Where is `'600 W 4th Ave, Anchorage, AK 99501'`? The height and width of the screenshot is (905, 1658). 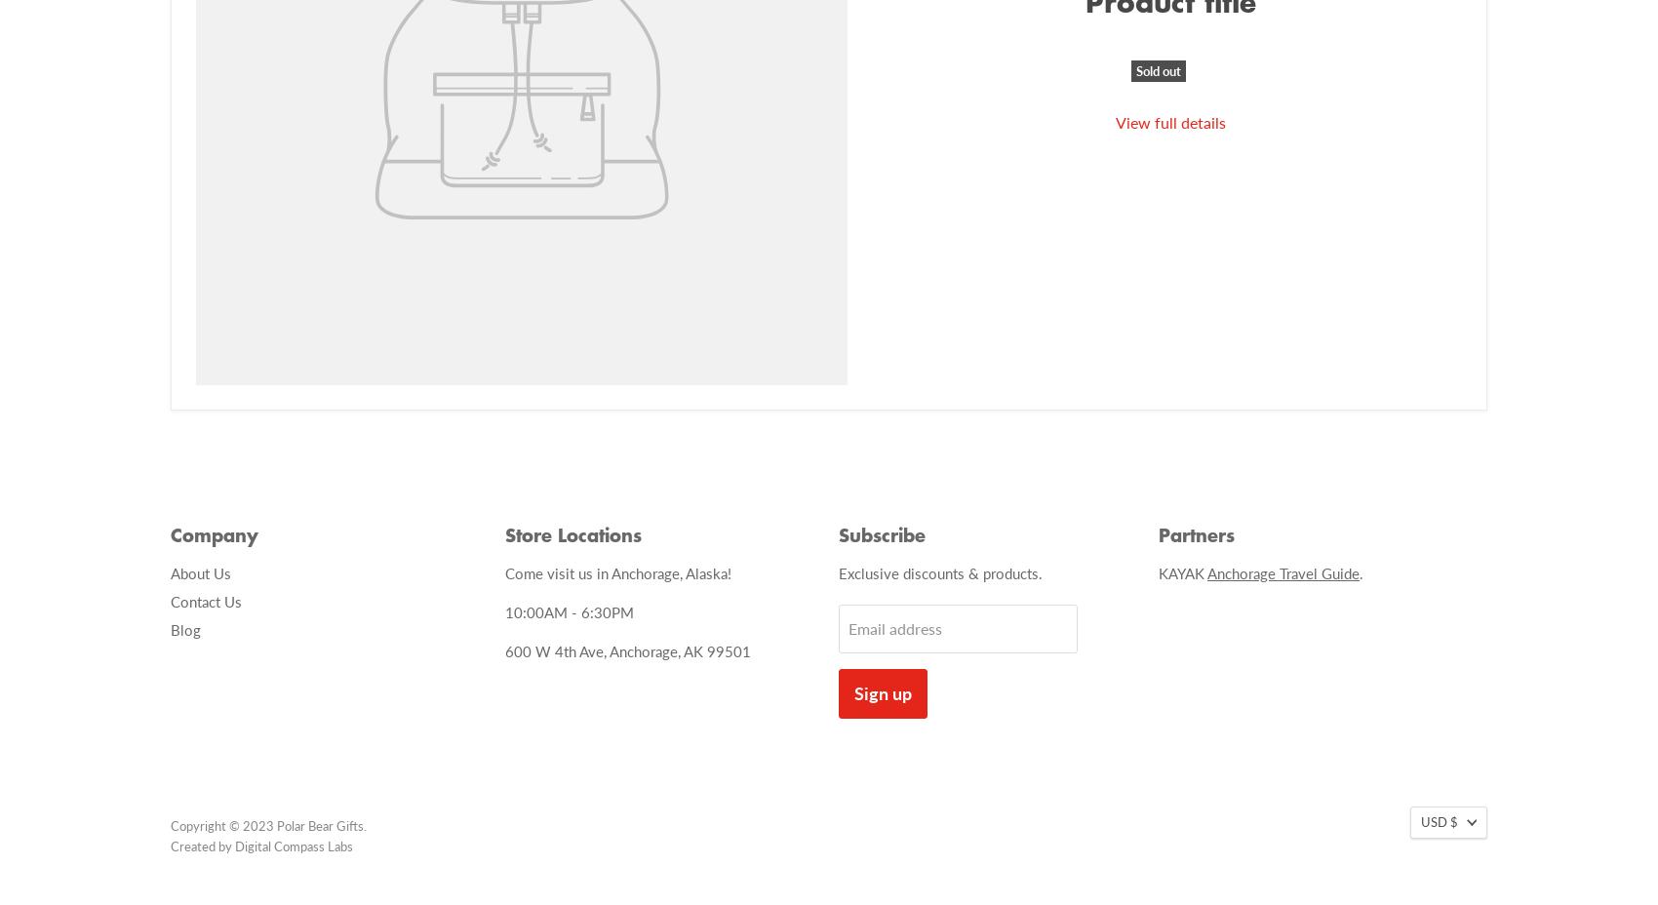
'600 W 4th Ave, Anchorage, AK 99501' is located at coordinates (626, 650).